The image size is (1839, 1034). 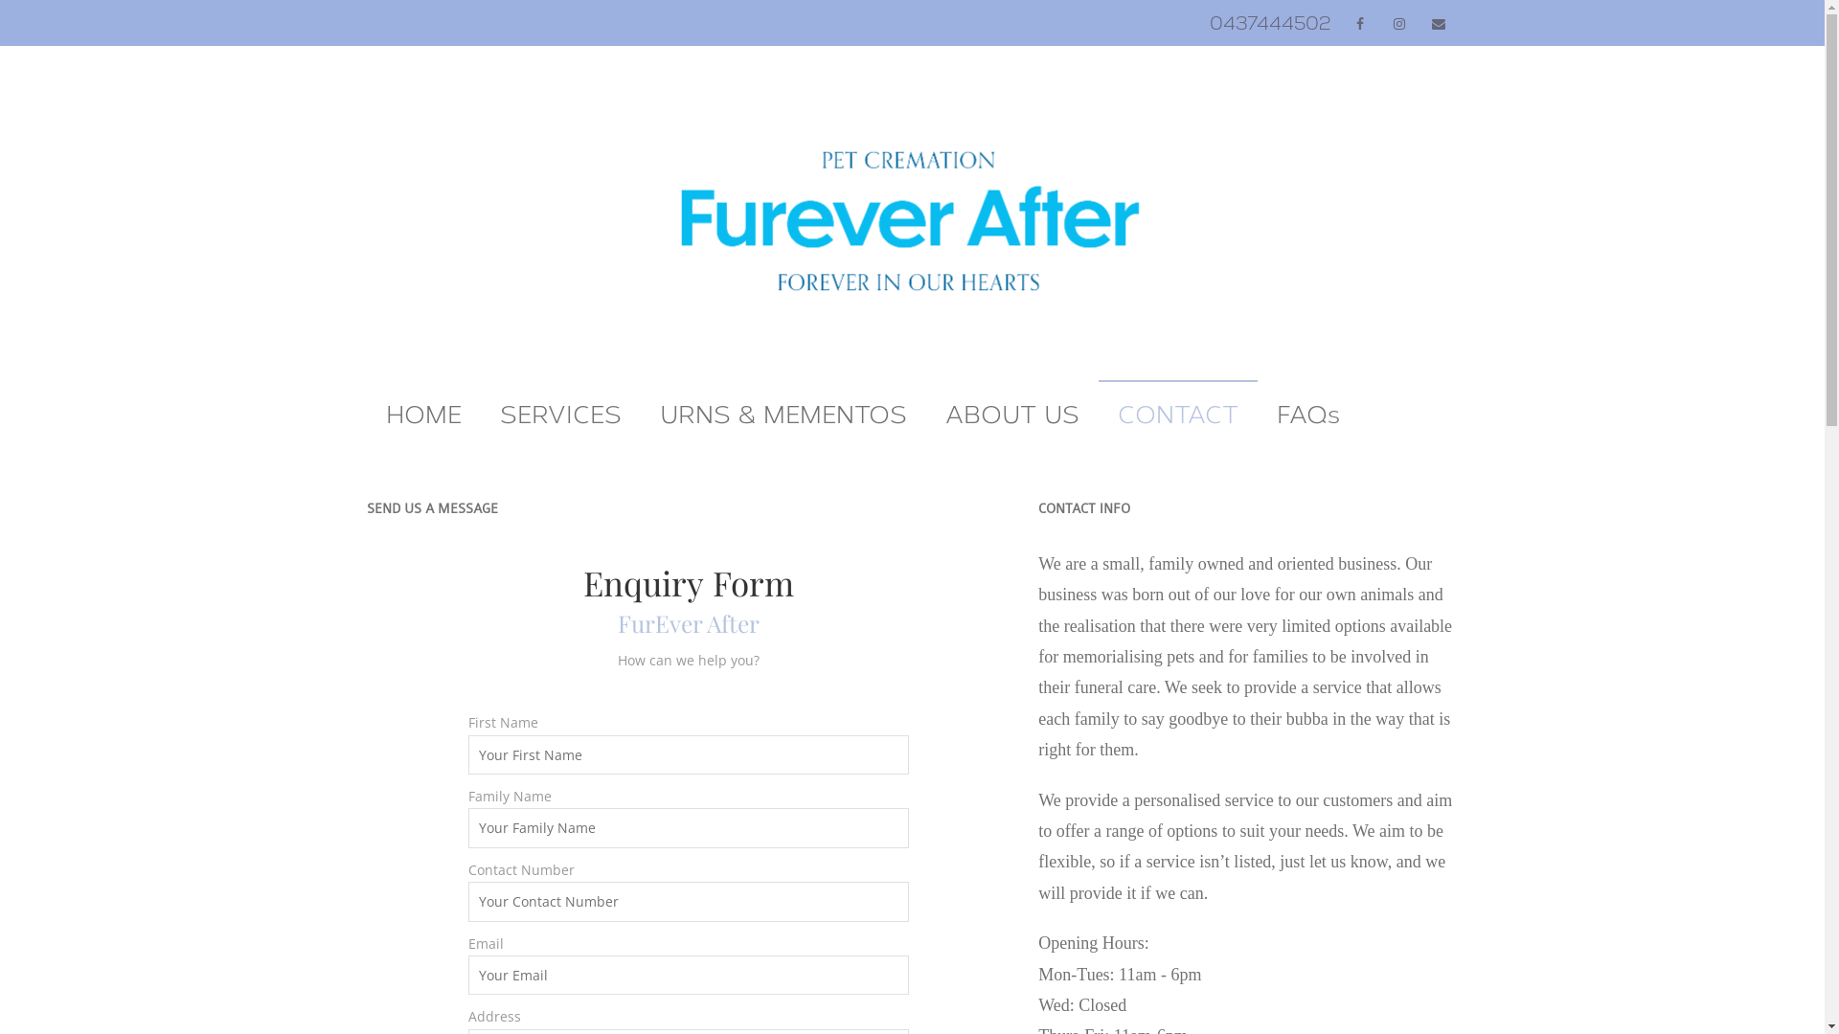 What do you see at coordinates (481, 414) in the screenshot?
I see `'SERVICES'` at bounding box center [481, 414].